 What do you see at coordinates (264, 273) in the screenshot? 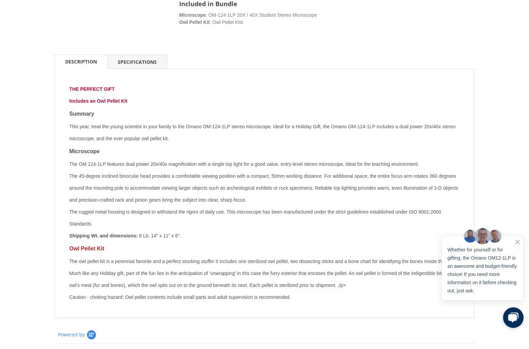
I see `'The owl pellet kit is a perennial favorite and a perfect stocking stuffer It includes one sterilized owl pellet, two dissecting sticks and a bone chart for identifying the bones inside the pellet. Much like any Holiday gift, part of the fun lies in the anticipation of 'unwrapping' in this case the furry exterior that encases the pellet. An owl pellet is formed of the indigestible bits of an owl's meal (fur and bones), which the owl spits out on to the ground beneath its nest. Each pellet is sterilized prior to shipment. ,/p>'` at bounding box center [264, 273].